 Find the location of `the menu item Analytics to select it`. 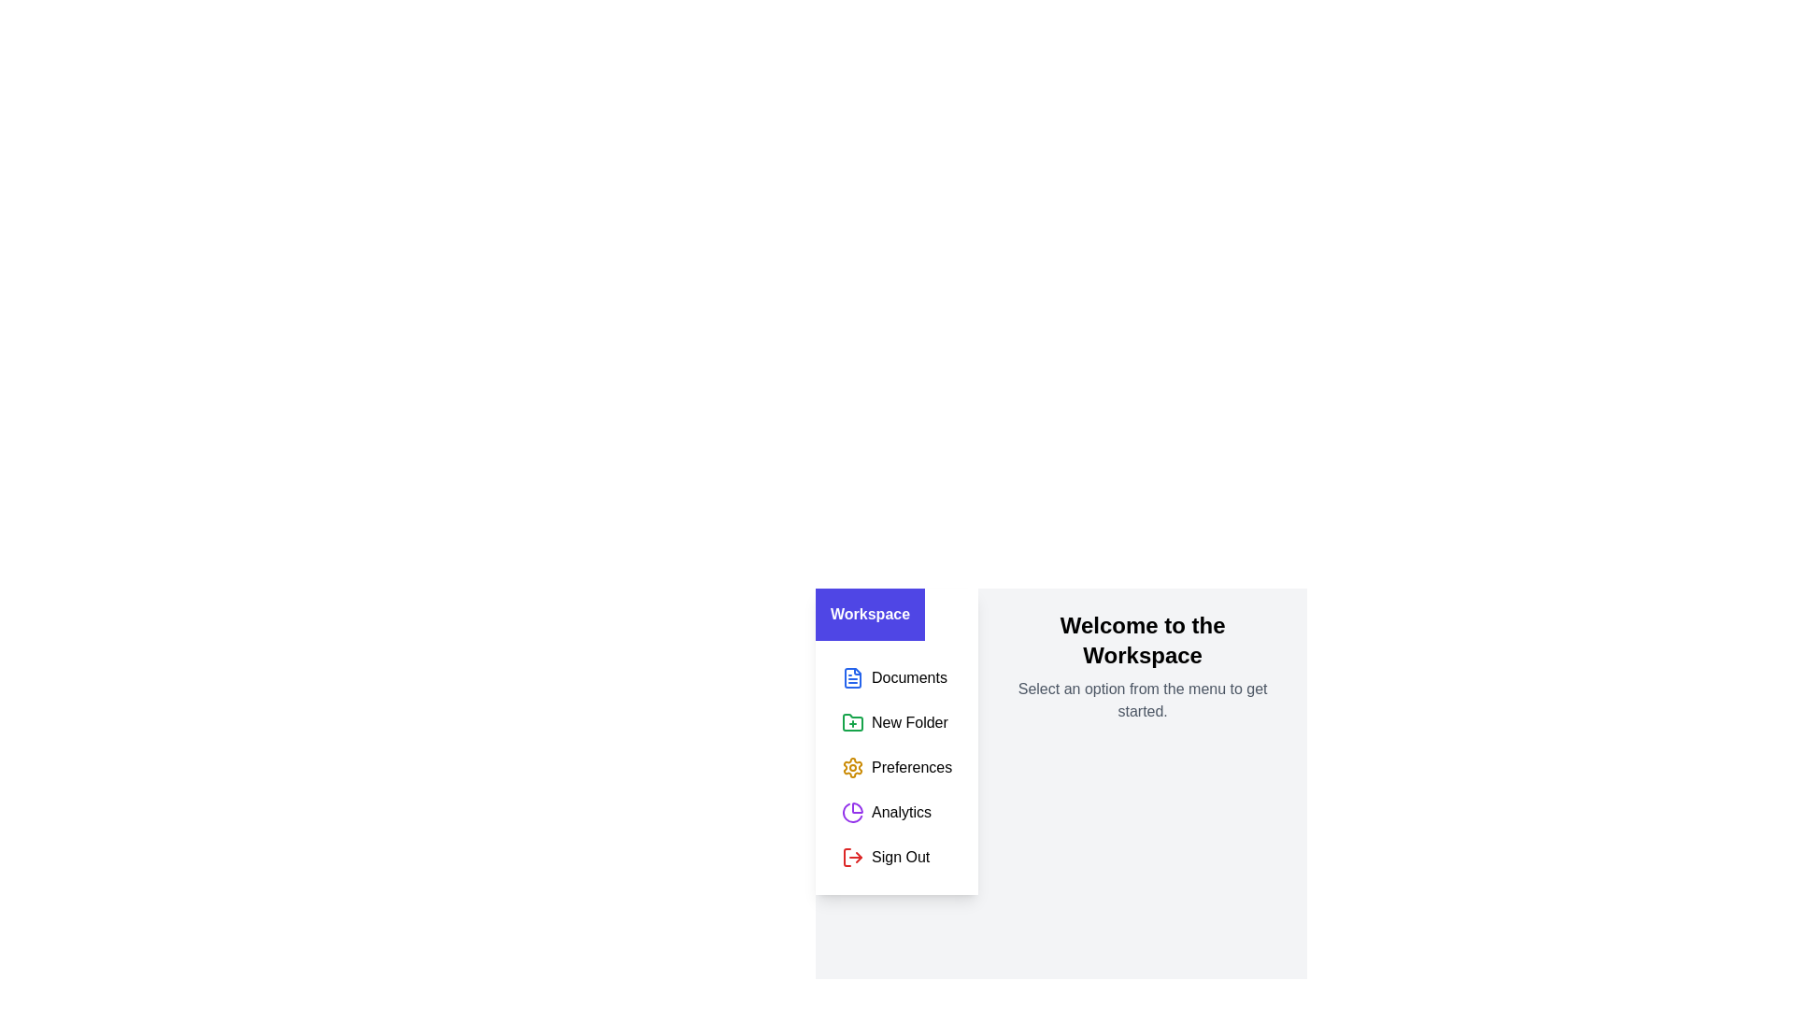

the menu item Analytics to select it is located at coordinates (897, 812).